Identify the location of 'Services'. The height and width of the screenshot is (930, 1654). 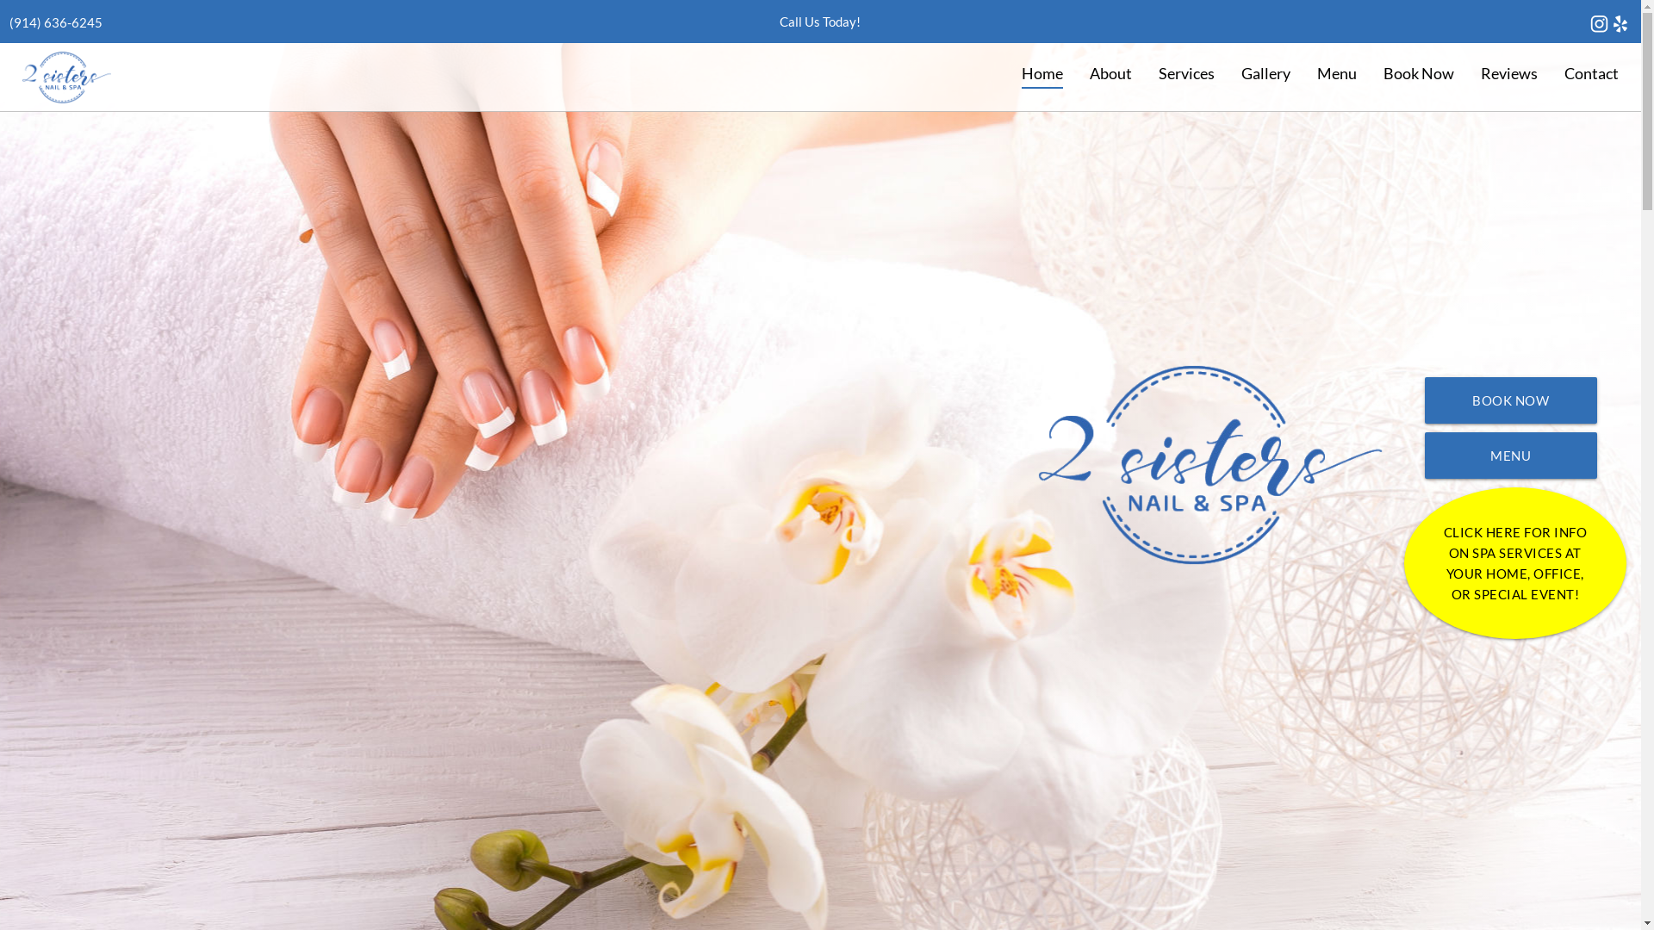
(1185, 72).